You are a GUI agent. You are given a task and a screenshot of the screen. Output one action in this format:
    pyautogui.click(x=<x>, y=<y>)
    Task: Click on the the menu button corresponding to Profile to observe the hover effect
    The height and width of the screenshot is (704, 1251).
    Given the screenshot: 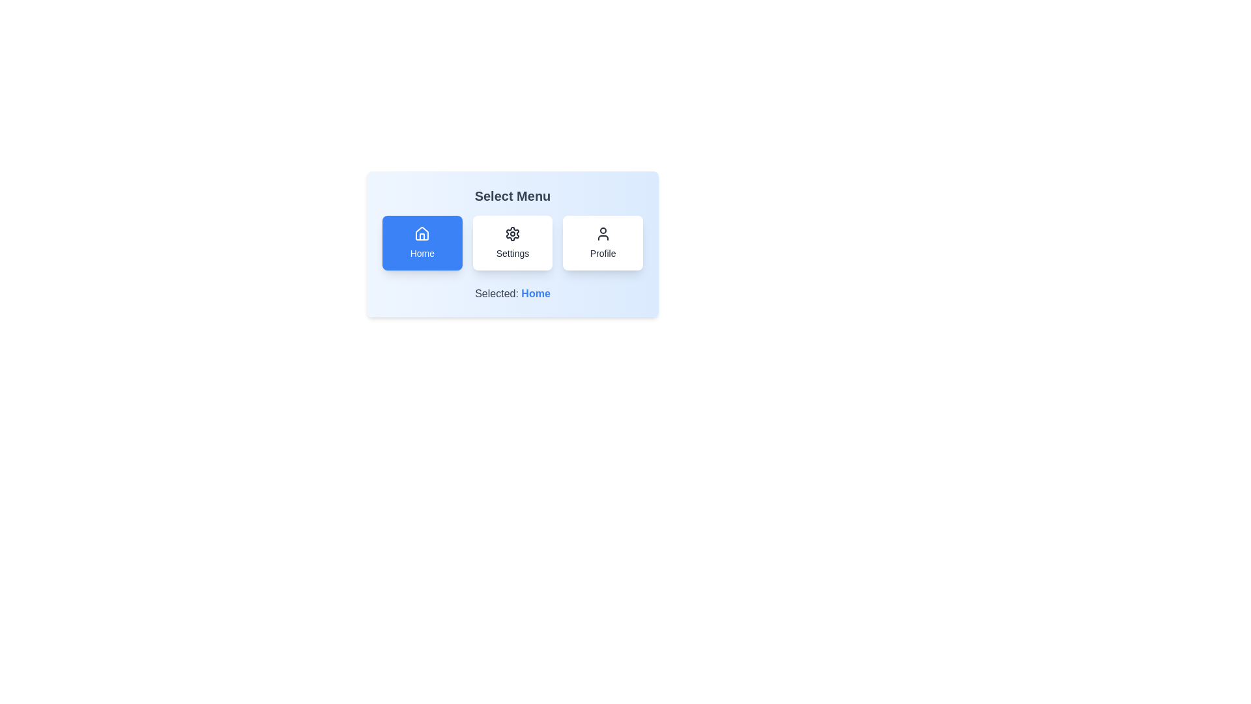 What is the action you would take?
    pyautogui.click(x=602, y=243)
    